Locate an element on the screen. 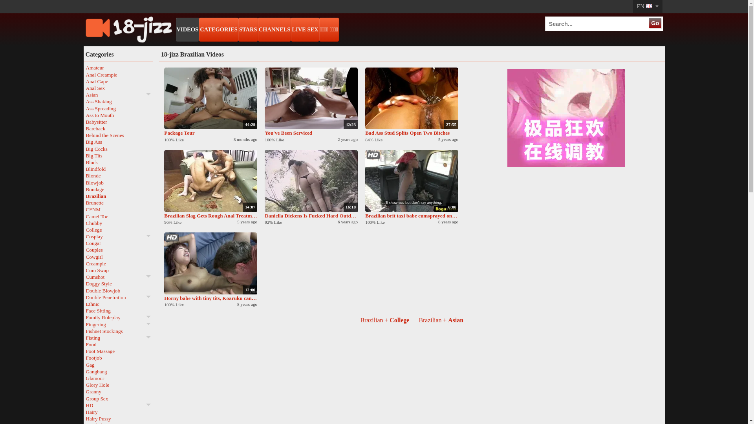 This screenshot has width=754, height=424. 'Asian' is located at coordinates (118, 94).